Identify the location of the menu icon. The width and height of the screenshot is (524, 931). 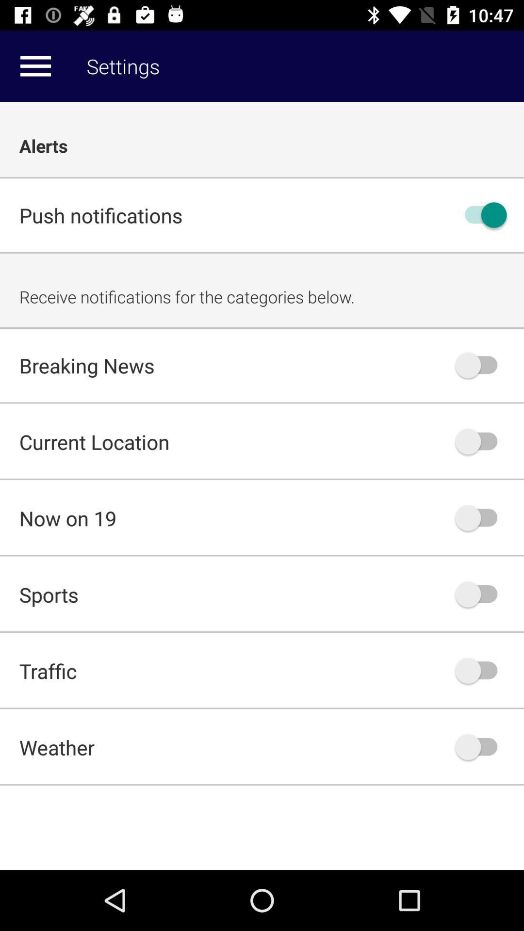
(35, 65).